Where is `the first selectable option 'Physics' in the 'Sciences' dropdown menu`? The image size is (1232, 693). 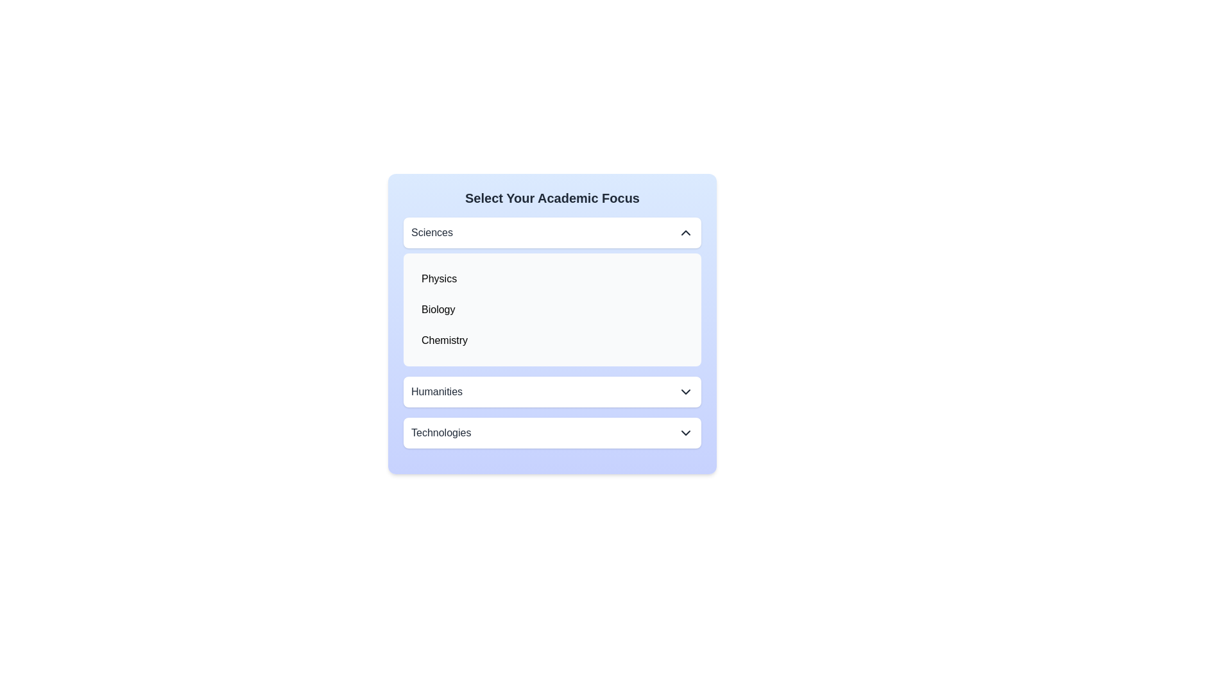 the first selectable option 'Physics' in the 'Sciences' dropdown menu is located at coordinates (552, 278).